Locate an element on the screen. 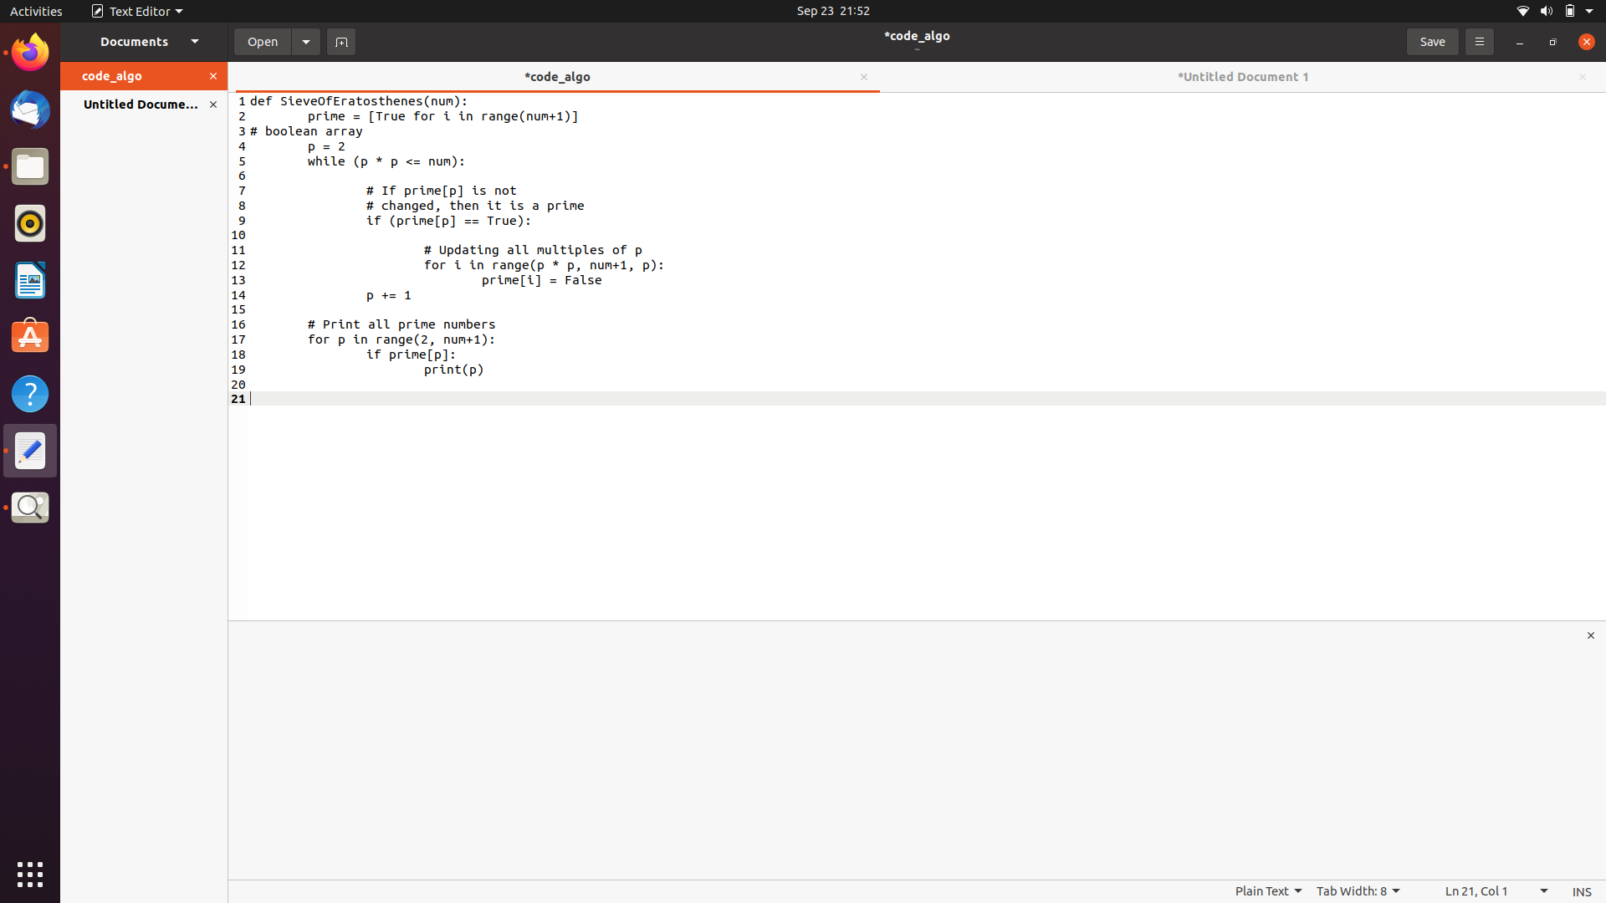  Close code_algo document using the orange panel is located at coordinates (215, 77).